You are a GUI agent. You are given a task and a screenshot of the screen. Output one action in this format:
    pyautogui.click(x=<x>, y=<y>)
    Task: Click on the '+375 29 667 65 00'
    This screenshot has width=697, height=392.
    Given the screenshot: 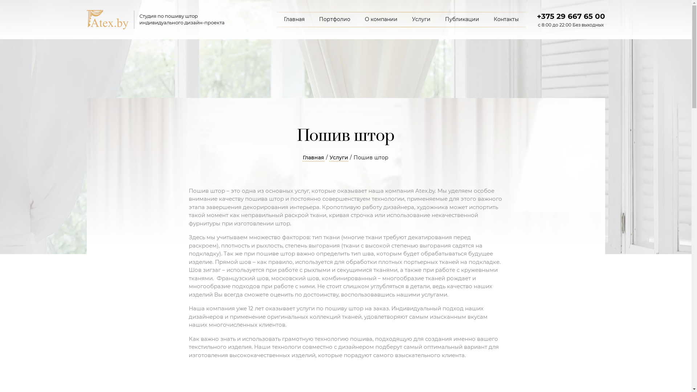 What is the action you would take?
    pyautogui.click(x=570, y=16)
    